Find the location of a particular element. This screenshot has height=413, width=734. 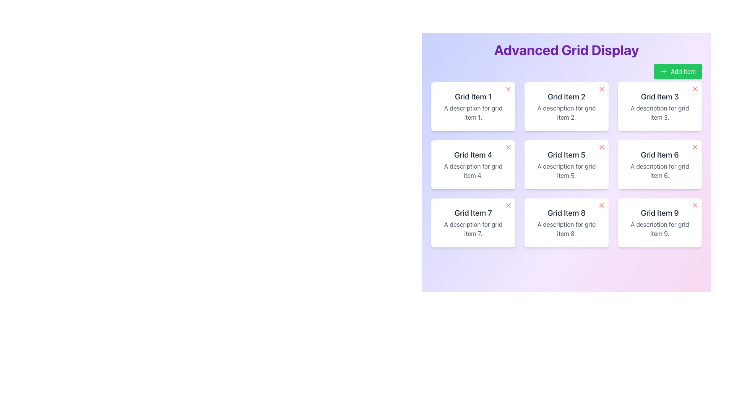

the descriptive text label that provides contextual information about the grid item, located below 'Grid Item 1' title text is located at coordinates (473, 112).